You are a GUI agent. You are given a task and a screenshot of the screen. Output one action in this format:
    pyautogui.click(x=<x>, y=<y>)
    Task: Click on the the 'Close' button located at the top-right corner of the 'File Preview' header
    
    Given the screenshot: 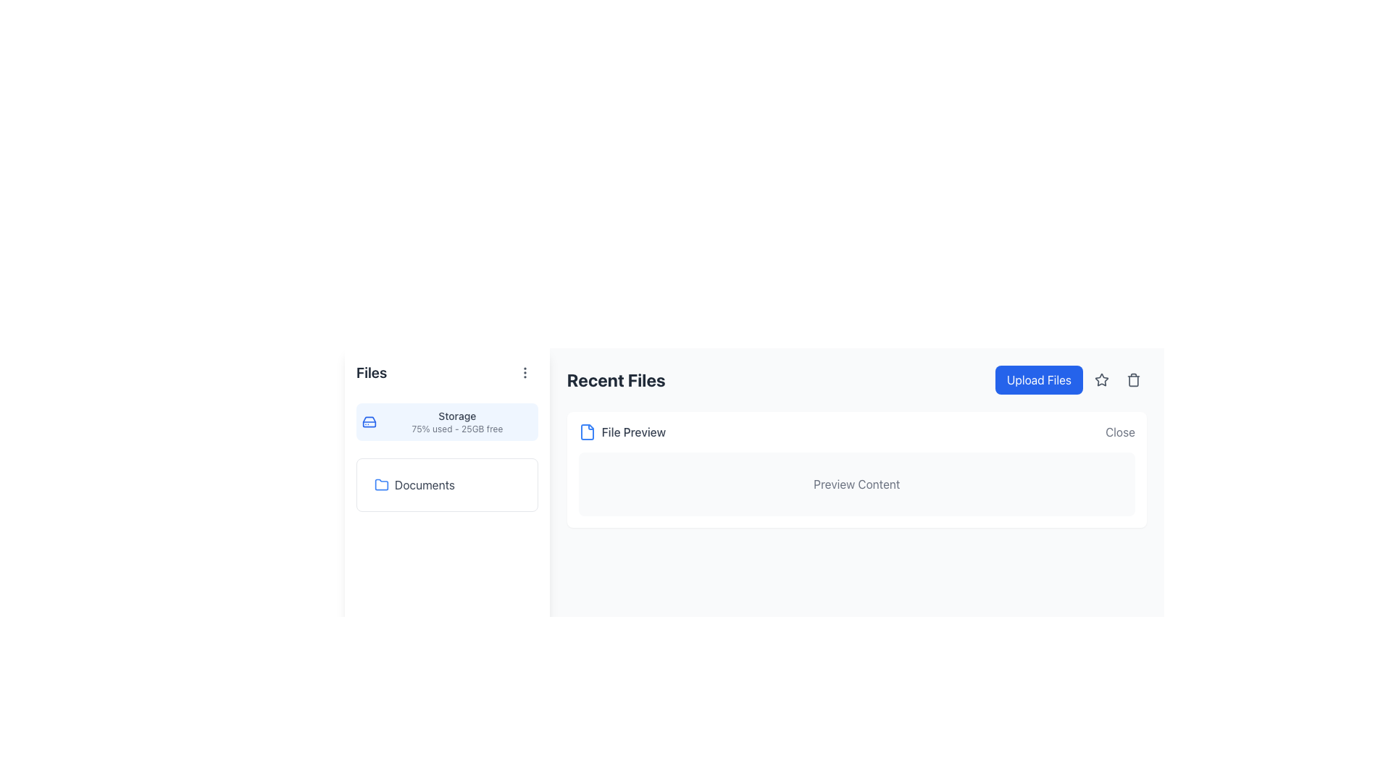 What is the action you would take?
    pyautogui.click(x=1119, y=432)
    